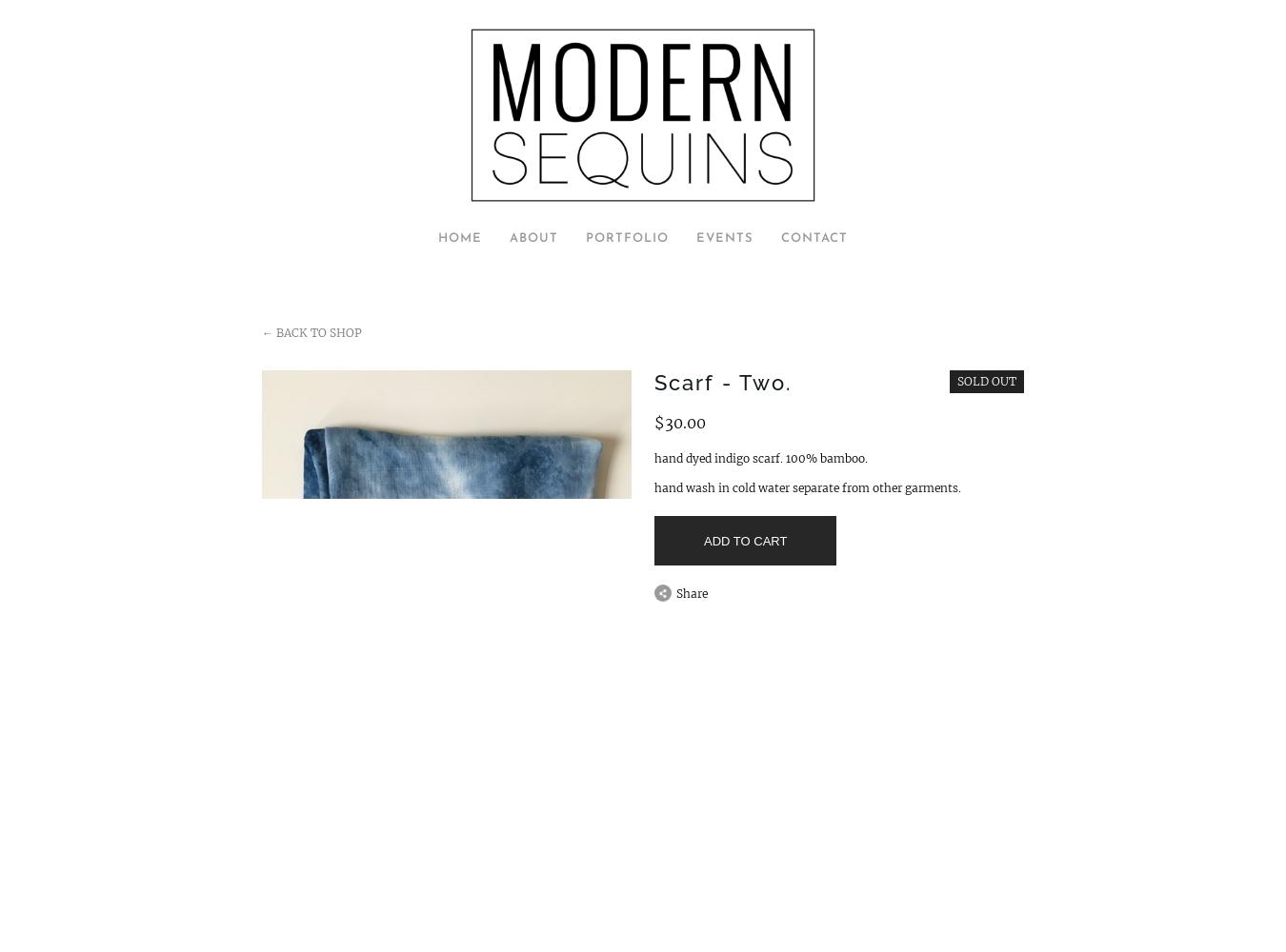  I want to click on 'Back to Shop', so click(316, 331).